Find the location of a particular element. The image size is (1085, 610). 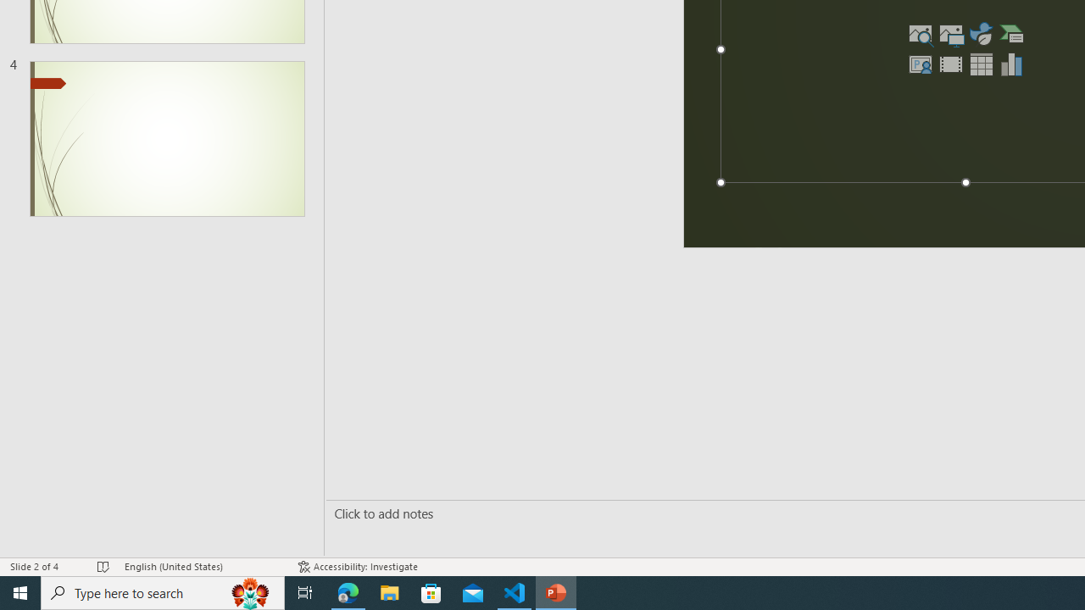

'Insert an Icon' is located at coordinates (981, 33).